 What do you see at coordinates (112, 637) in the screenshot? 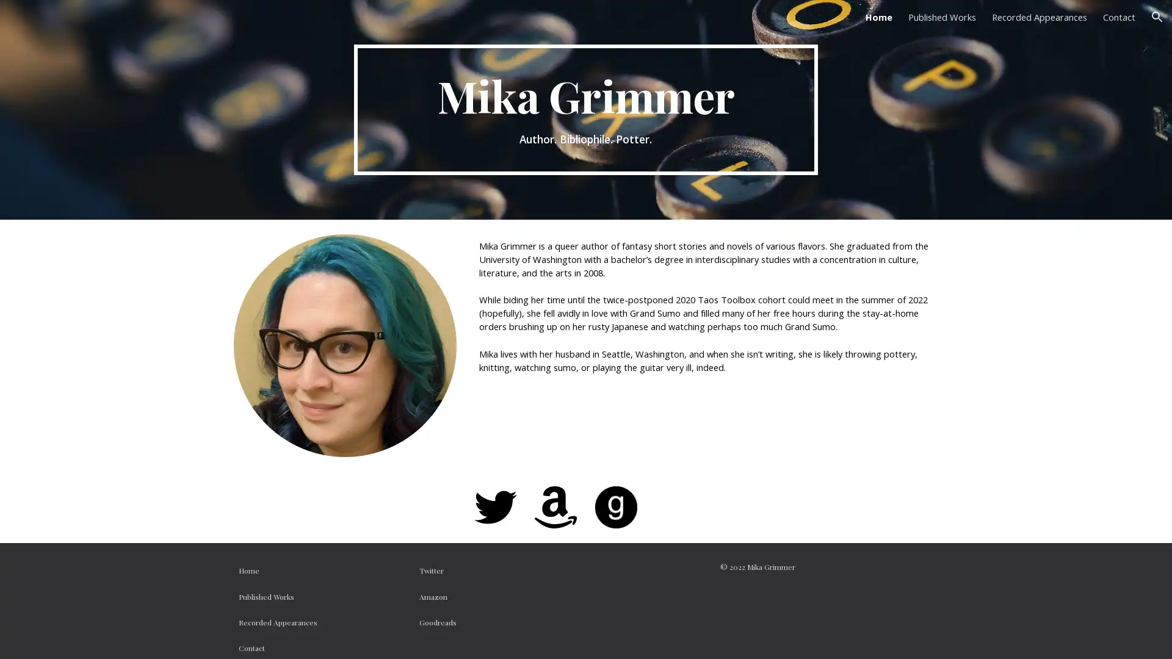
I see `Report abuse` at bounding box center [112, 637].